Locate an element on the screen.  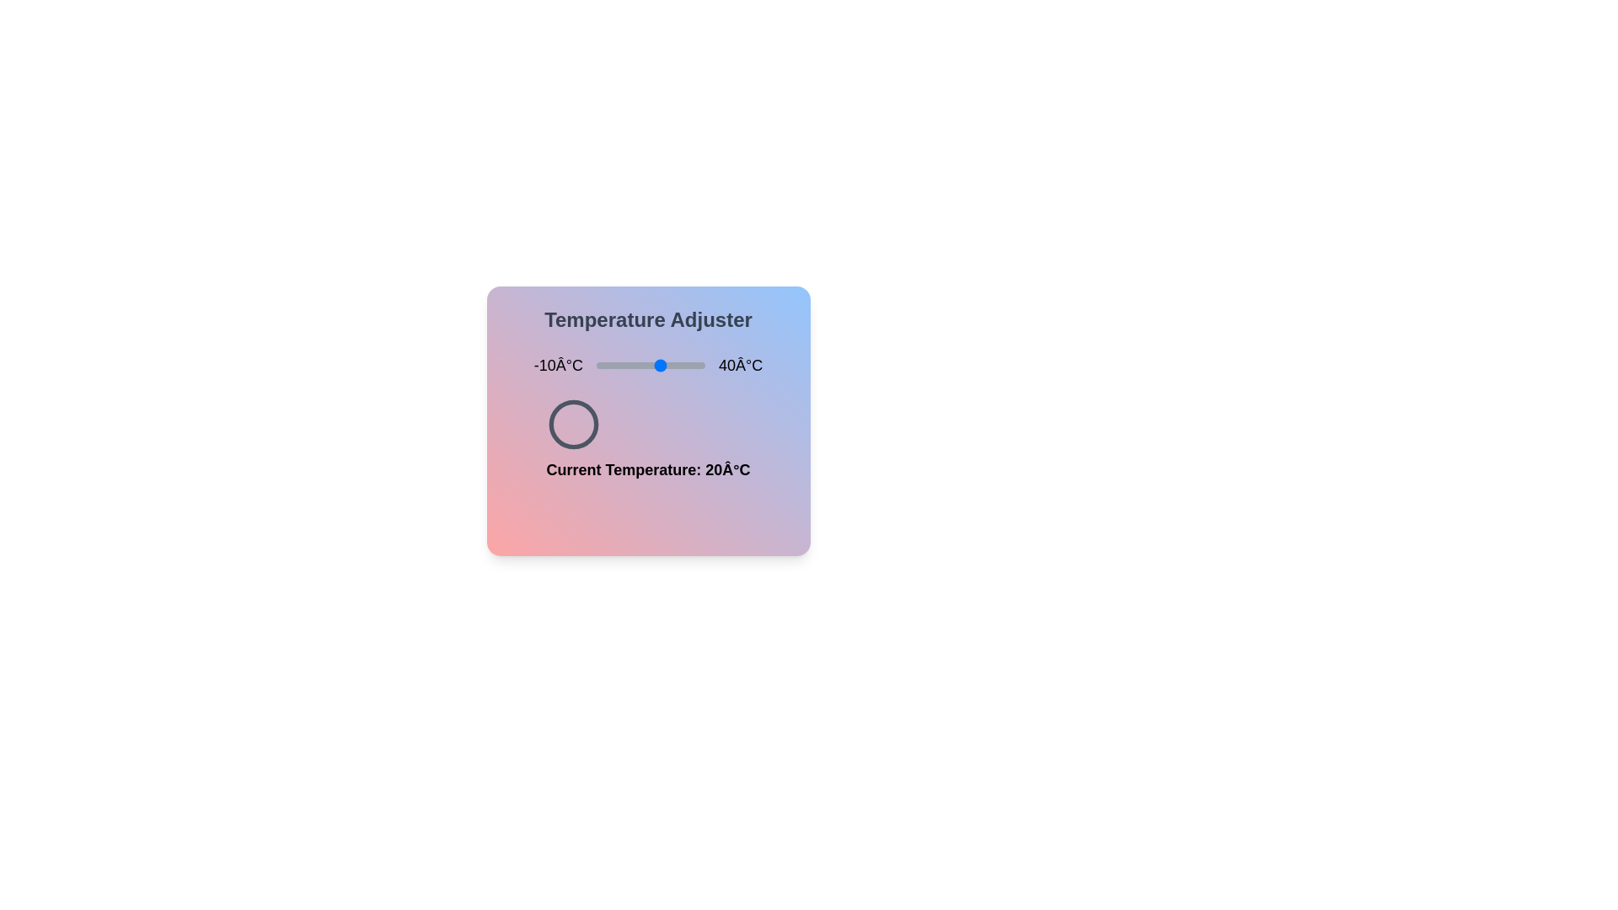
the temperature to 31 degrees Celsius using the slider is located at coordinates (685, 365).